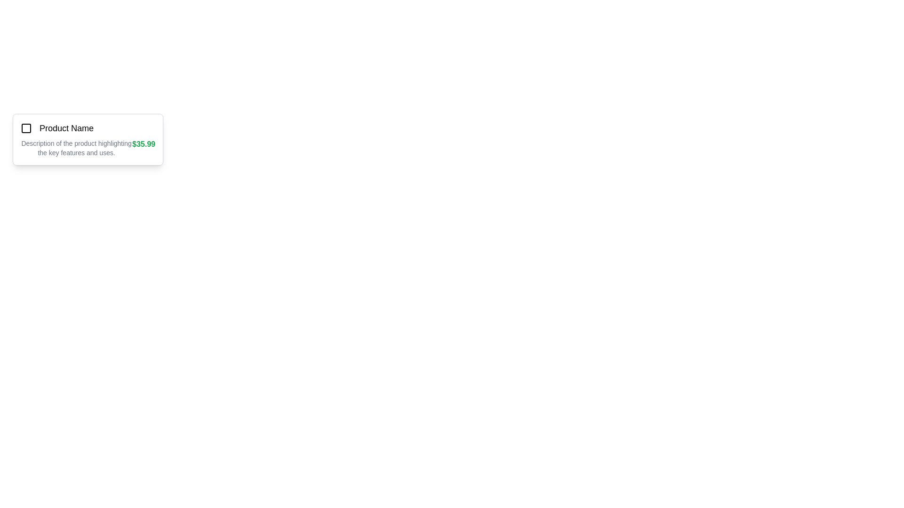  I want to click on the static text displaying the price '$35.99' in bold green text, which is located on the right side of a description block, so click(143, 148).